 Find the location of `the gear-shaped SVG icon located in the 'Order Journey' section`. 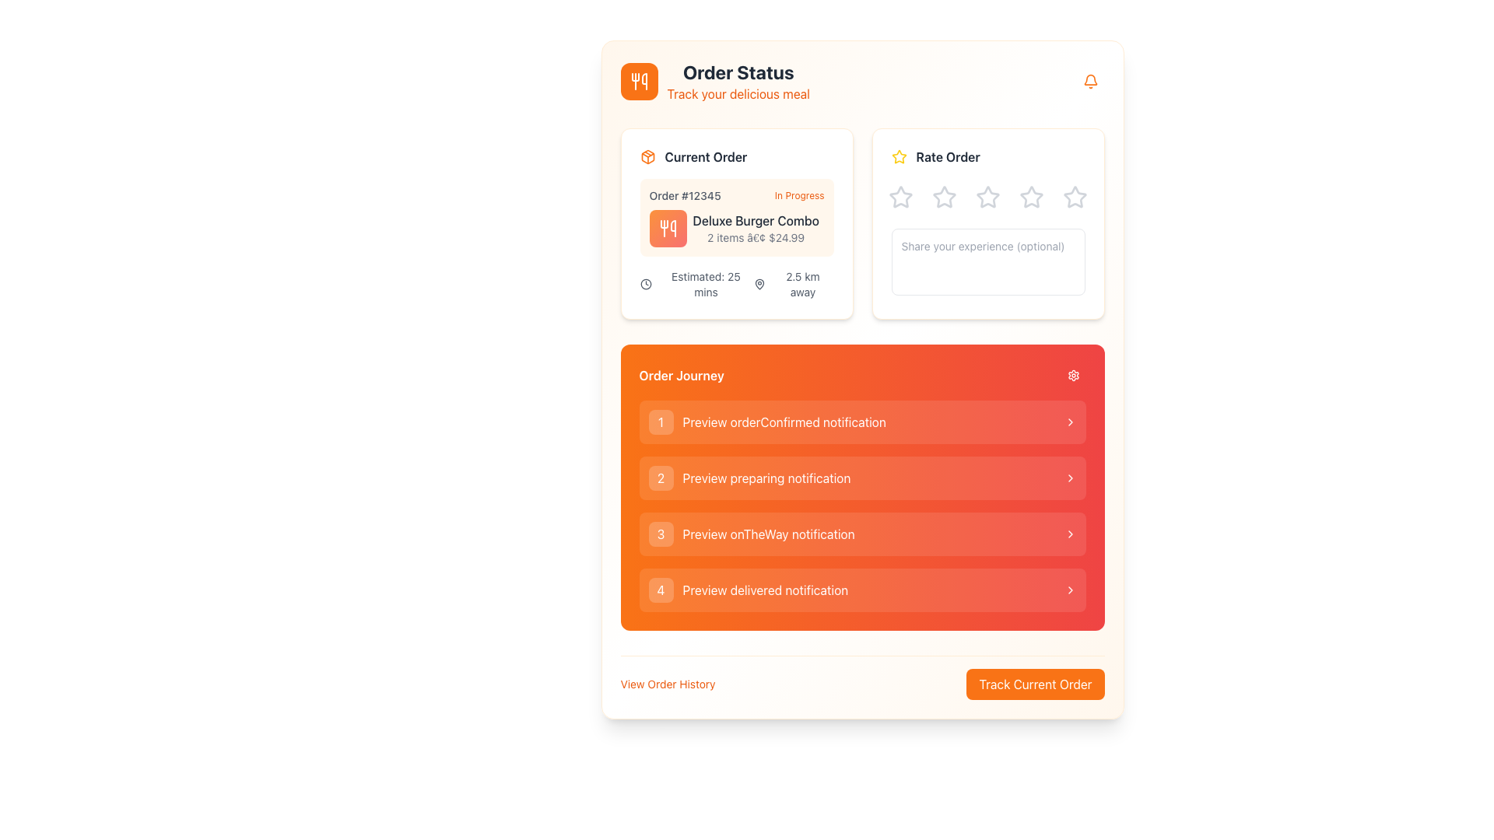

the gear-shaped SVG icon located in the 'Order Journey' section is located at coordinates (1072, 375).